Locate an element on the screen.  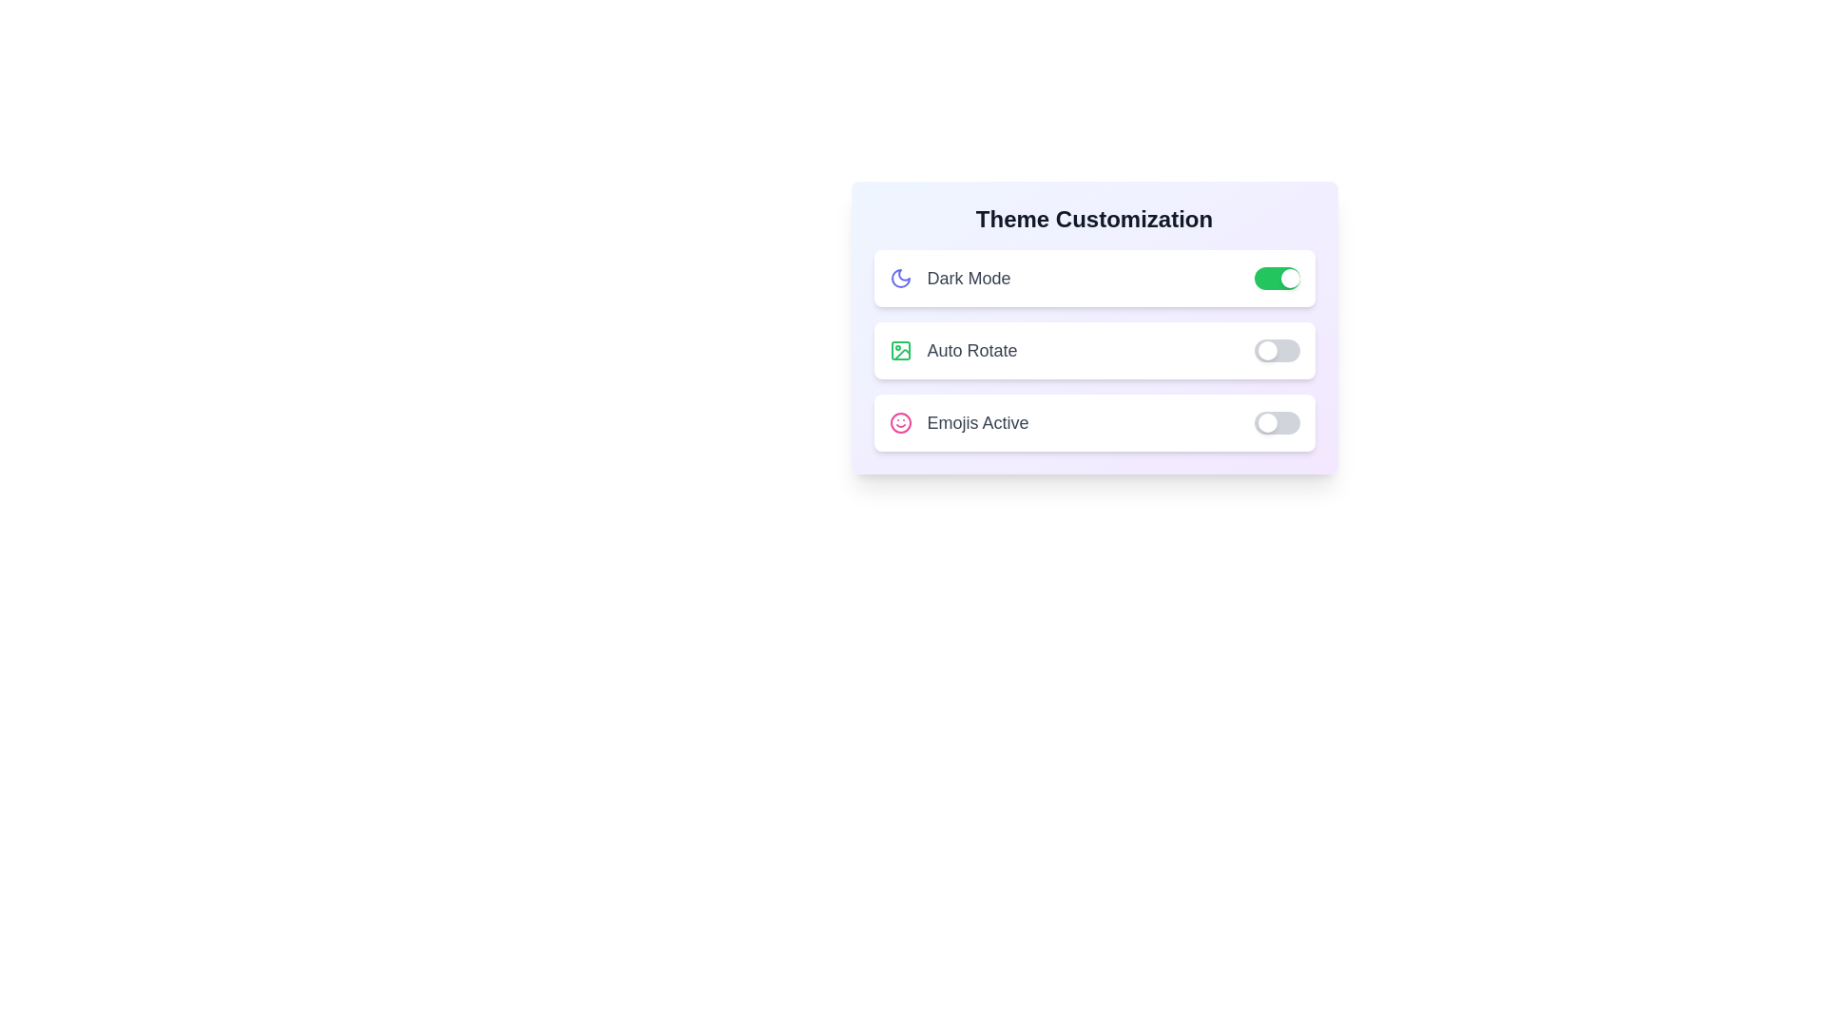
the toggle switch located at the far right of the first row in the 'Theme Customization' panel to change its state for the 'Dark Mode' feature is located at coordinates (1277, 279).